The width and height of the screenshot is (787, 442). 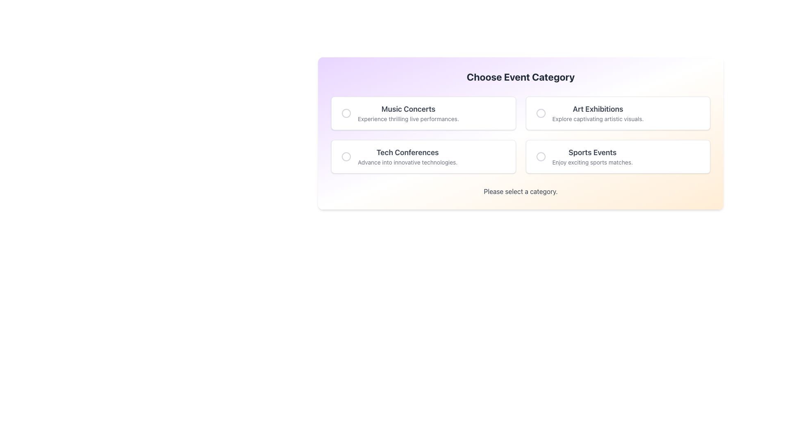 What do you see at coordinates (598, 119) in the screenshot?
I see `the text element that reads 'Explore captivating artistic visuals.' located below the header 'Art Exhibitions' in the right column of the grid layout` at bounding box center [598, 119].